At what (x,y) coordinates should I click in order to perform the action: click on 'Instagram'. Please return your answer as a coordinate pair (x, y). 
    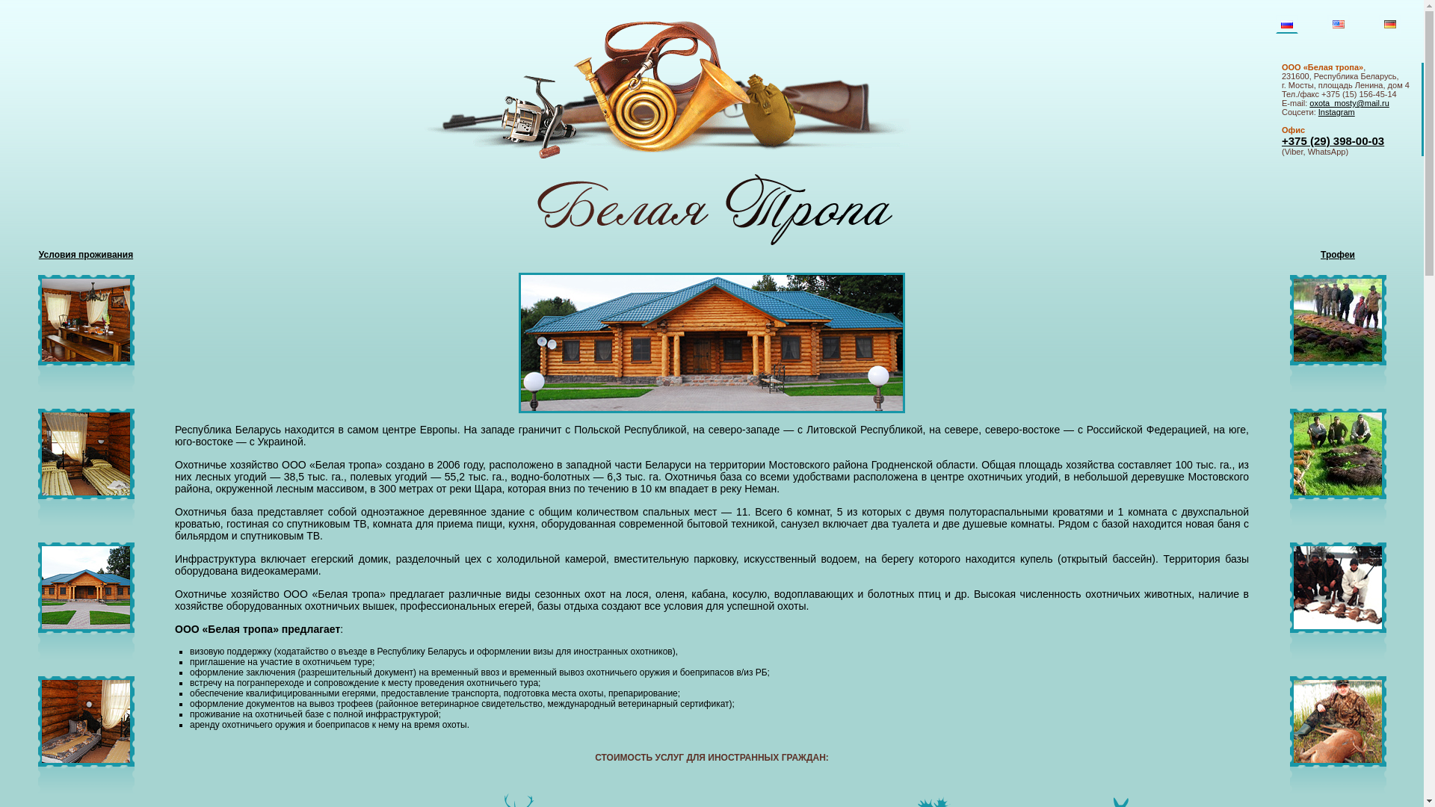
    Looking at the image, I should click on (1336, 111).